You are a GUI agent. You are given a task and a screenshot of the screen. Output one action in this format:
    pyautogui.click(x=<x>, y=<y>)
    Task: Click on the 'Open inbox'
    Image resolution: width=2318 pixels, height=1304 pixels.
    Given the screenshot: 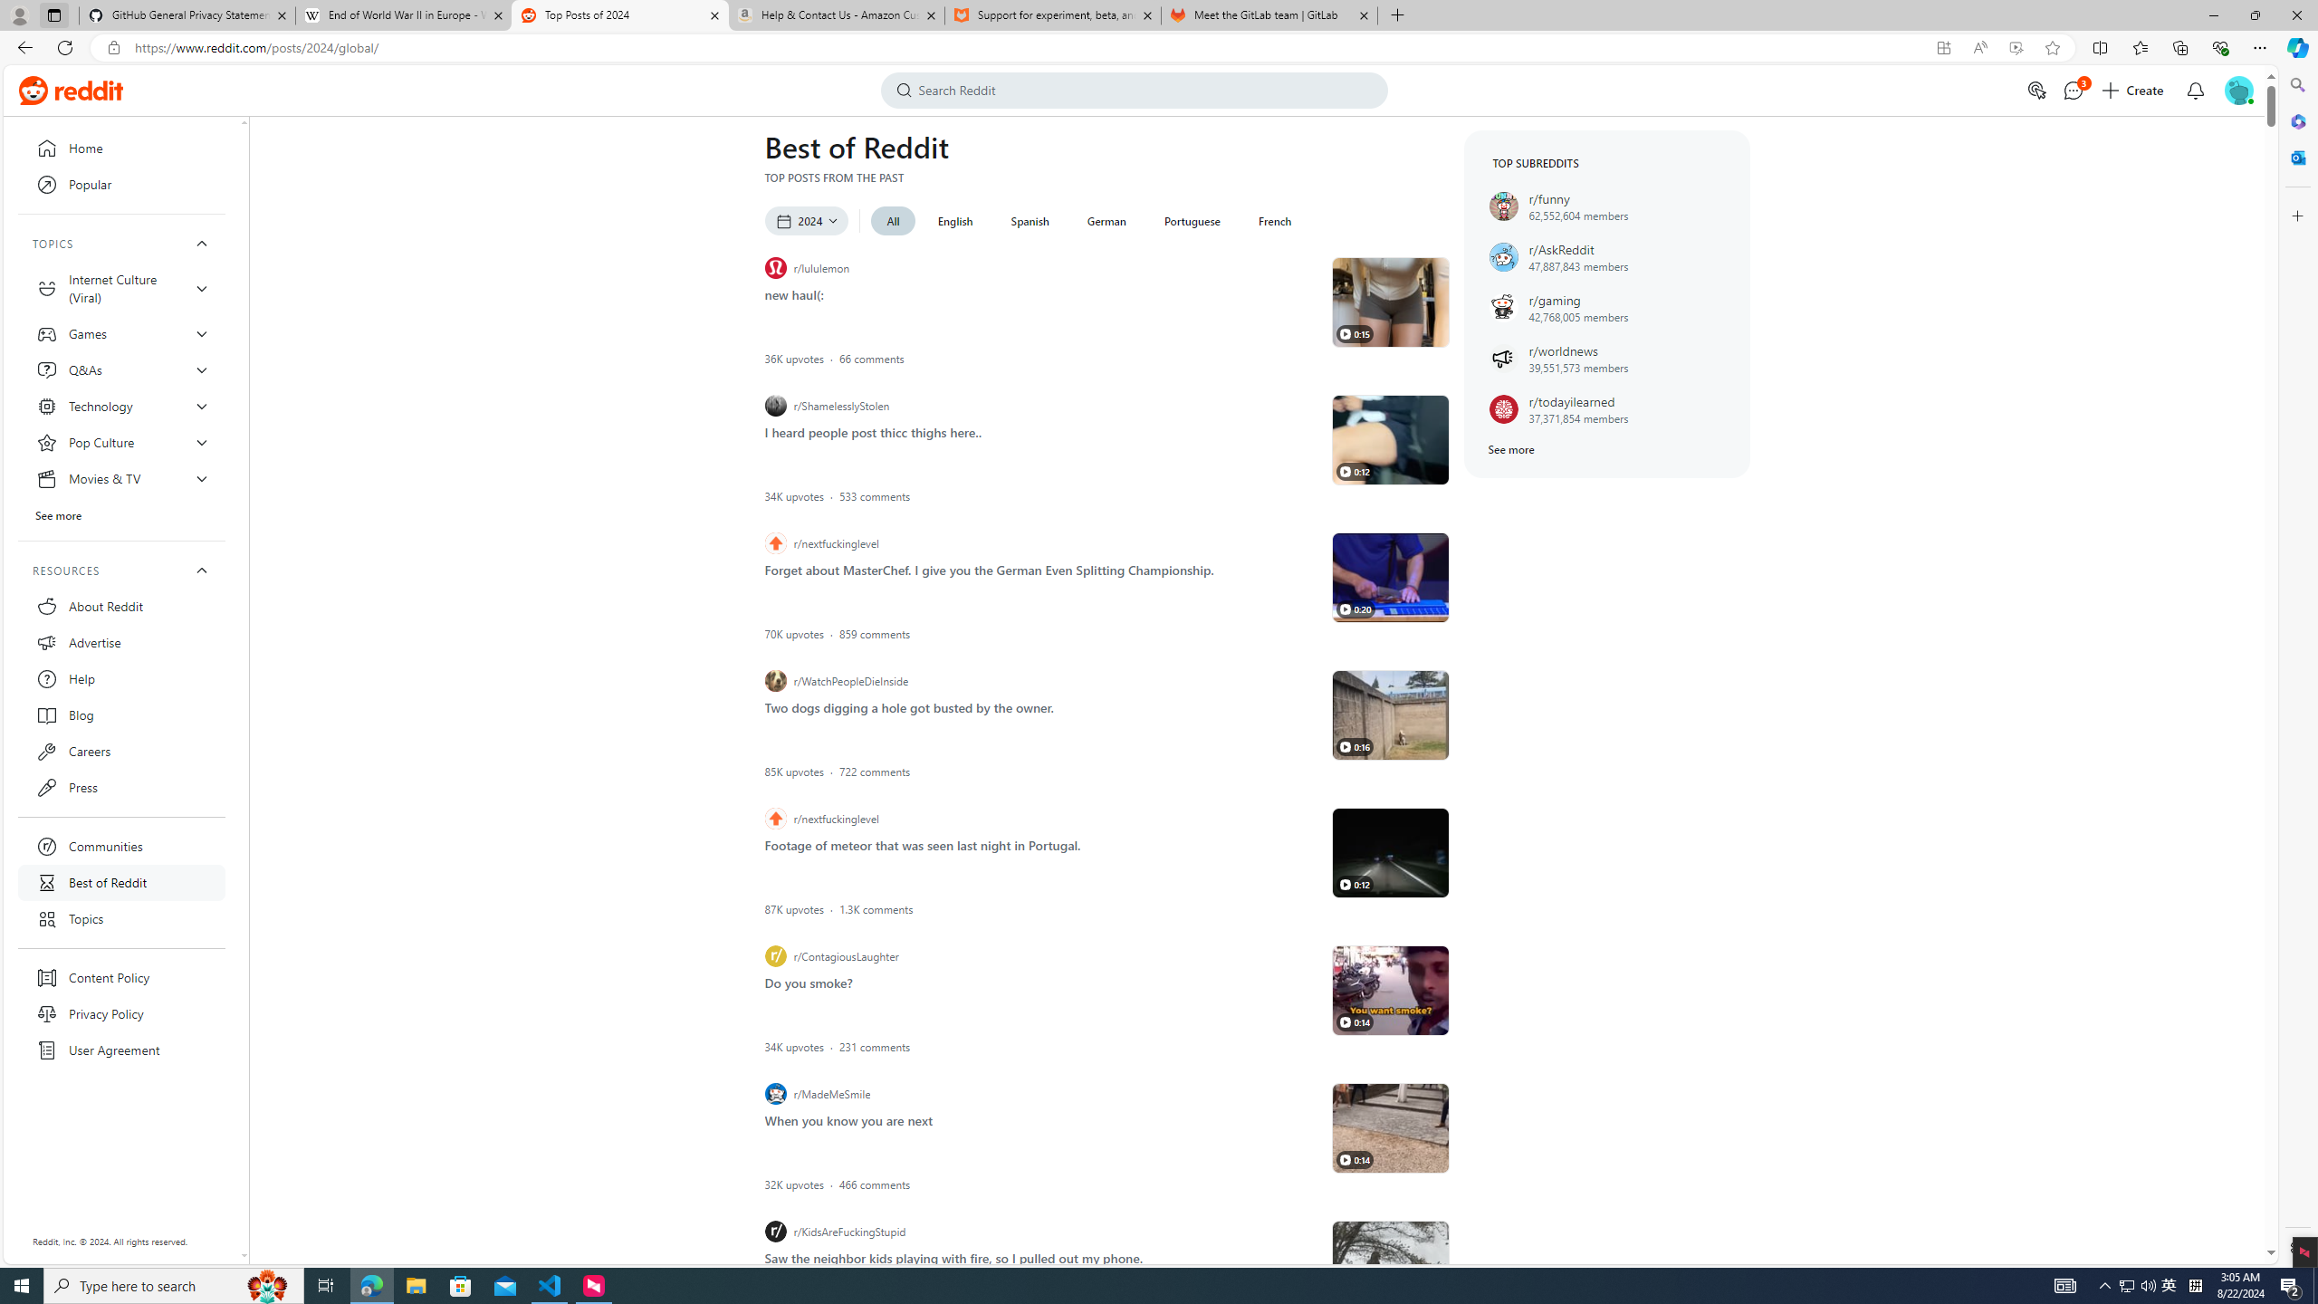 What is the action you would take?
    pyautogui.click(x=2195, y=90)
    